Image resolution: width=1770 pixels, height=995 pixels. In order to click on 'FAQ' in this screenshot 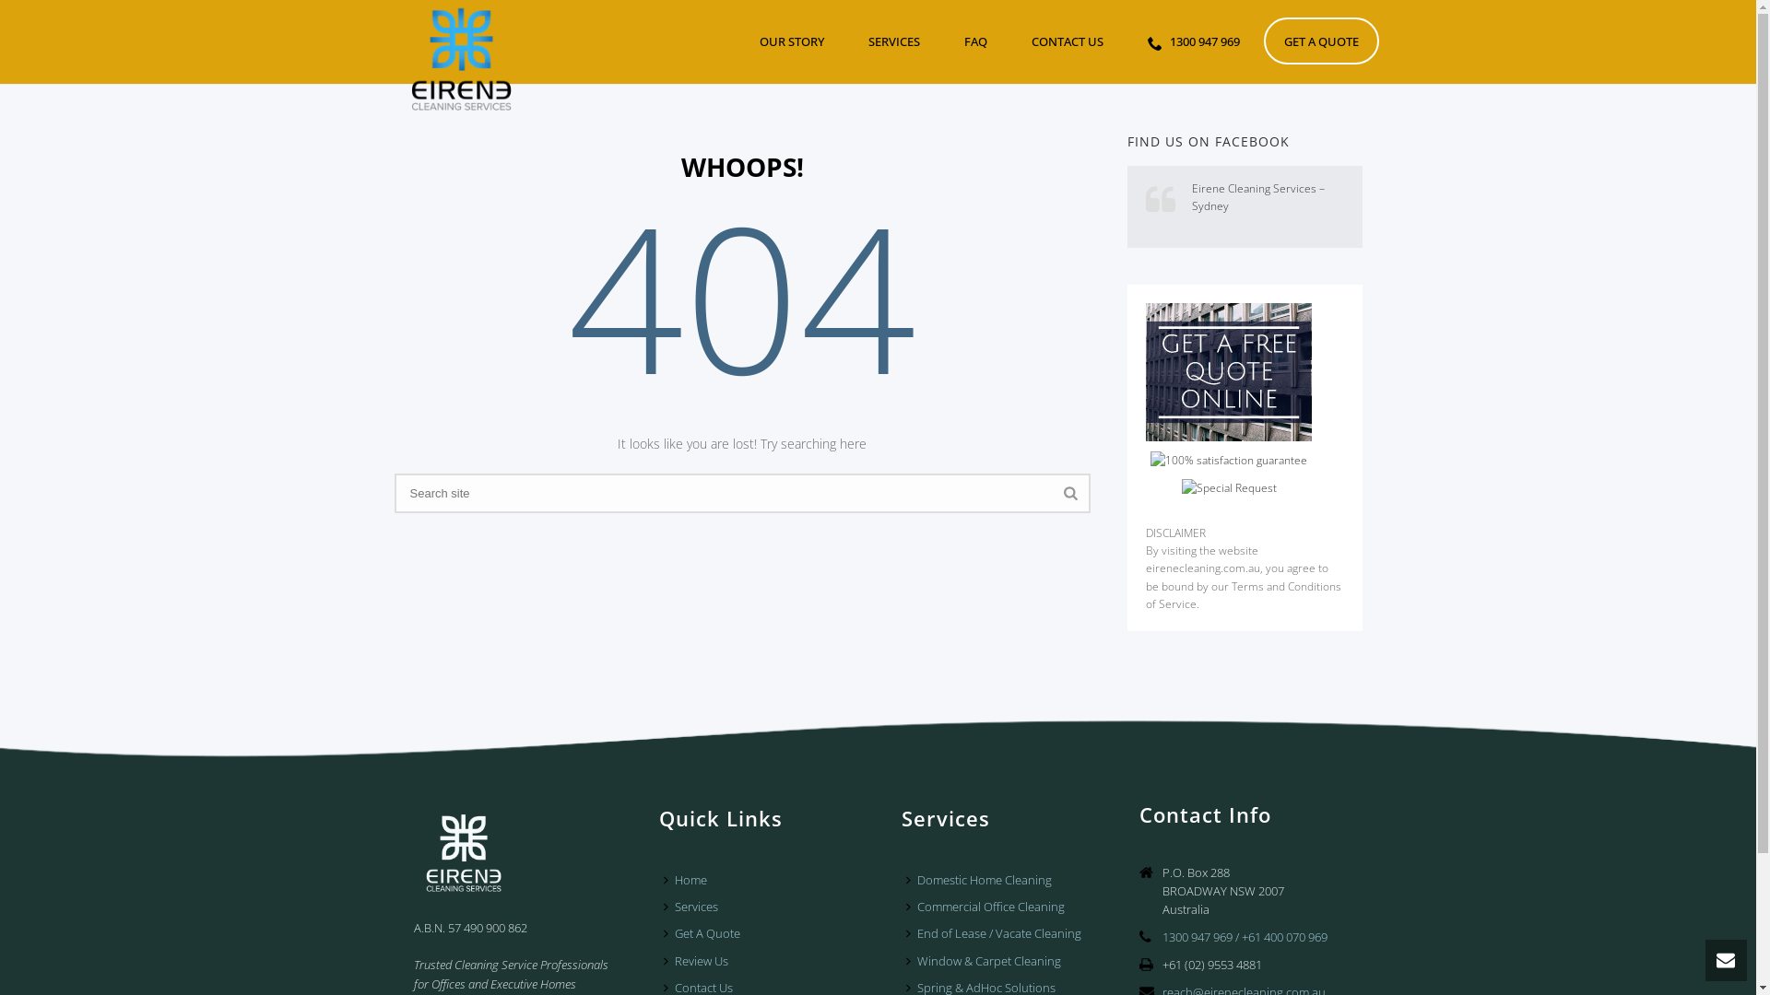, I will do `click(974, 41)`.